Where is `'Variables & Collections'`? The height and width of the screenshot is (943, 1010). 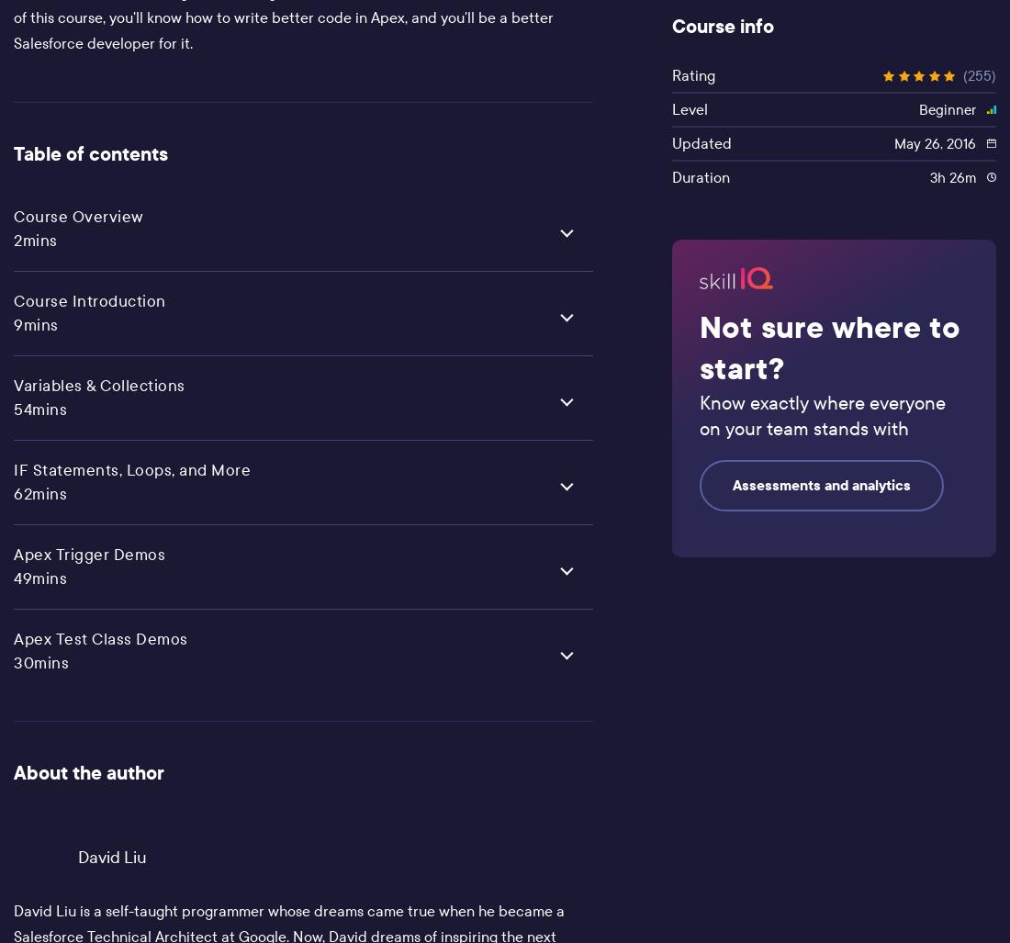
'Variables & Collections' is located at coordinates (99, 385).